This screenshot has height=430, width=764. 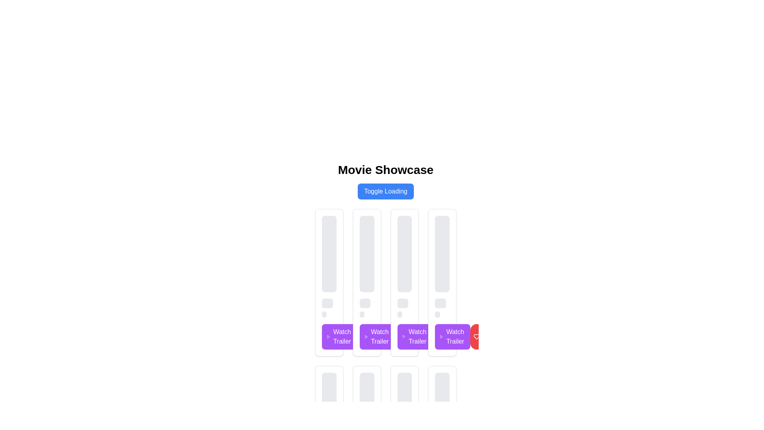 What do you see at coordinates (414, 336) in the screenshot?
I see `the 'Watch Trailer' button, which is a rectangular button with rounded edges, has a purple background, and contains white text with a play icon to its left, located as the third button from the left in a row of four buttons` at bounding box center [414, 336].